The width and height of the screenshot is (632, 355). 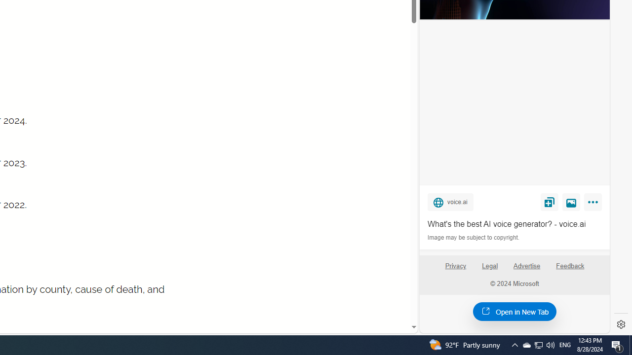 What do you see at coordinates (490, 265) in the screenshot?
I see `'Legal'` at bounding box center [490, 265].